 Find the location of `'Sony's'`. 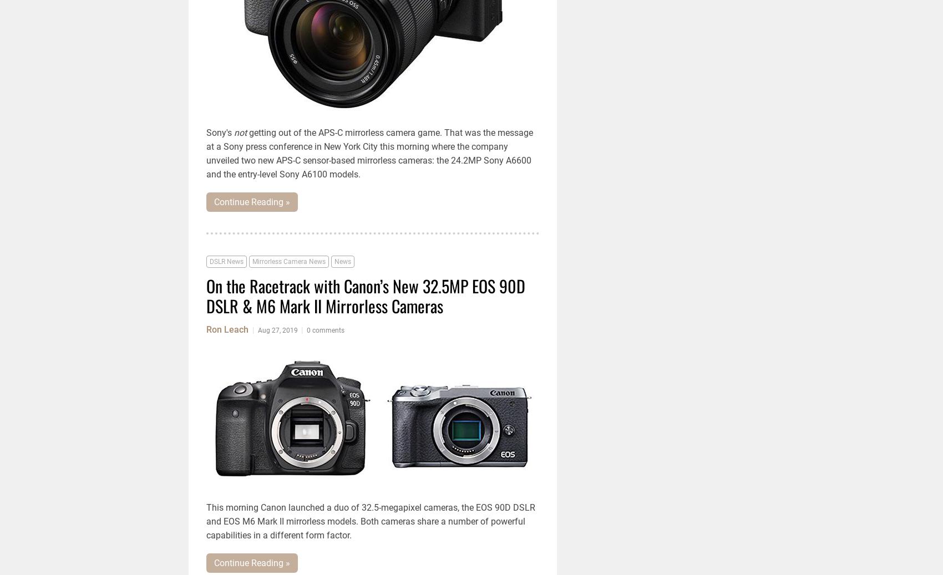

'Sony's' is located at coordinates (205, 132).